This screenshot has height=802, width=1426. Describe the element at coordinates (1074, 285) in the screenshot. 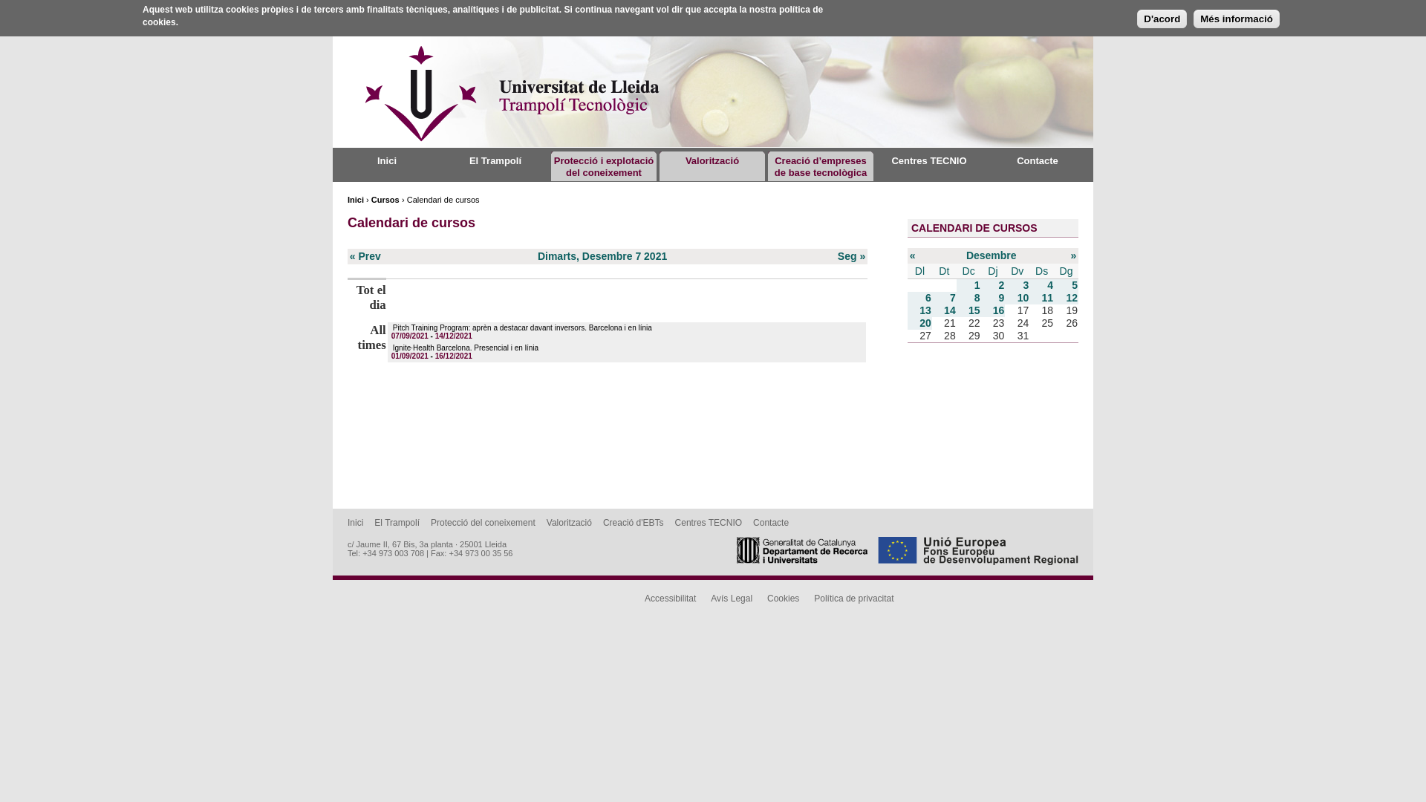

I see `'5'` at that location.